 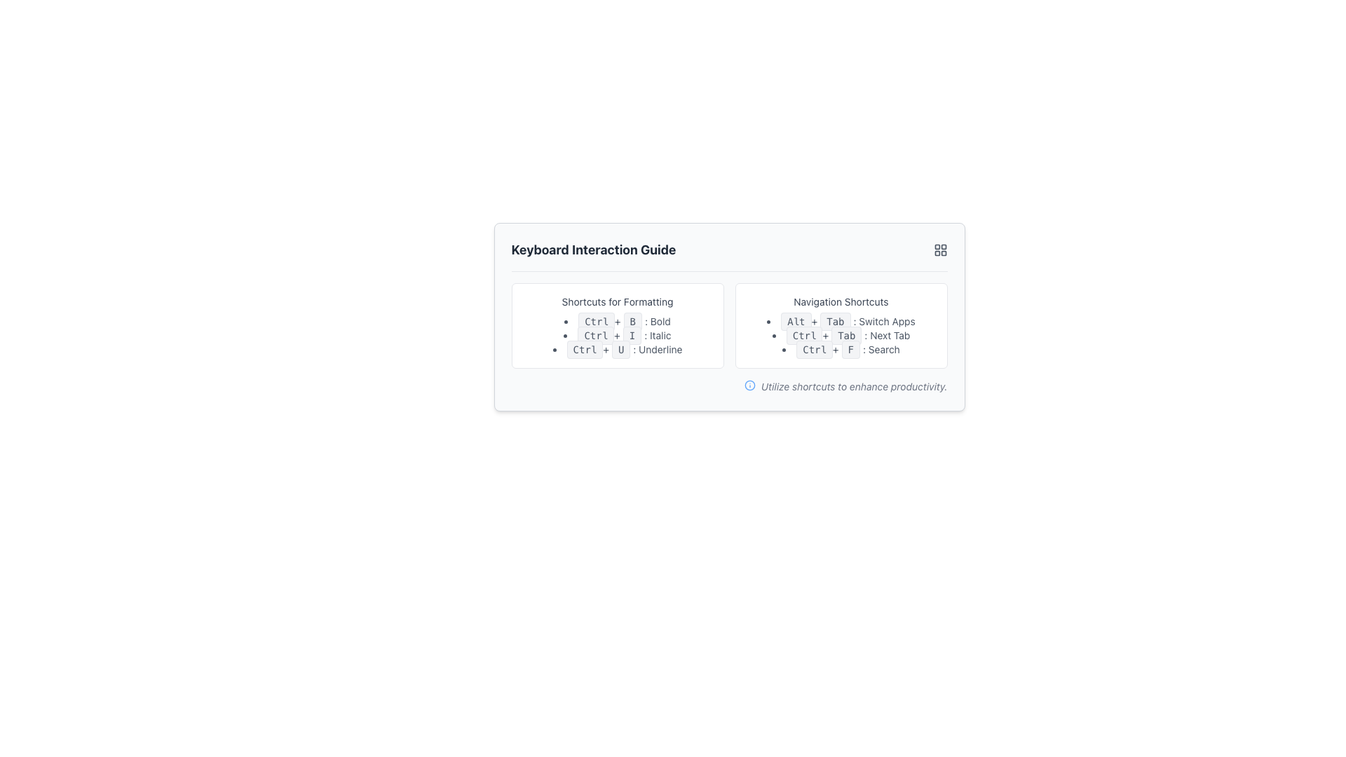 I want to click on the text label styled to resemble a button that contains the text 'Ctrl', which is part of the 'Ctrl+U: Underline' shortcut in the 'Keyboard Interaction Guide', so click(x=585, y=348).